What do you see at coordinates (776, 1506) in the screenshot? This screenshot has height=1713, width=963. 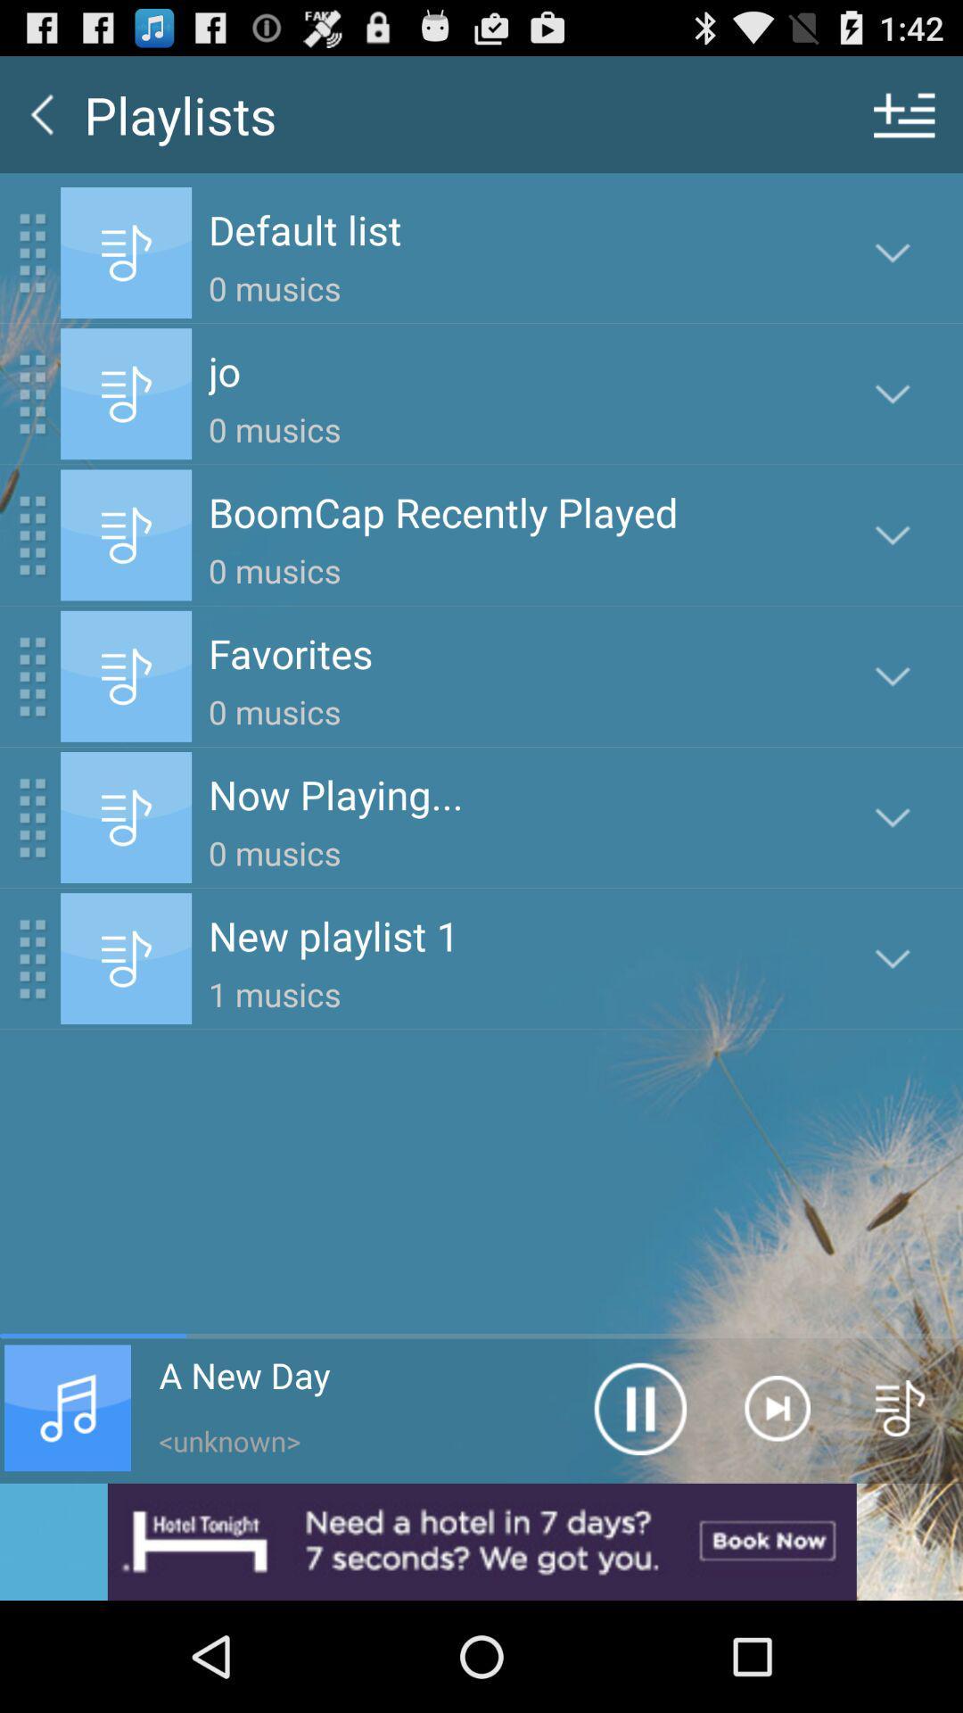 I see `the skip_next icon` at bounding box center [776, 1506].